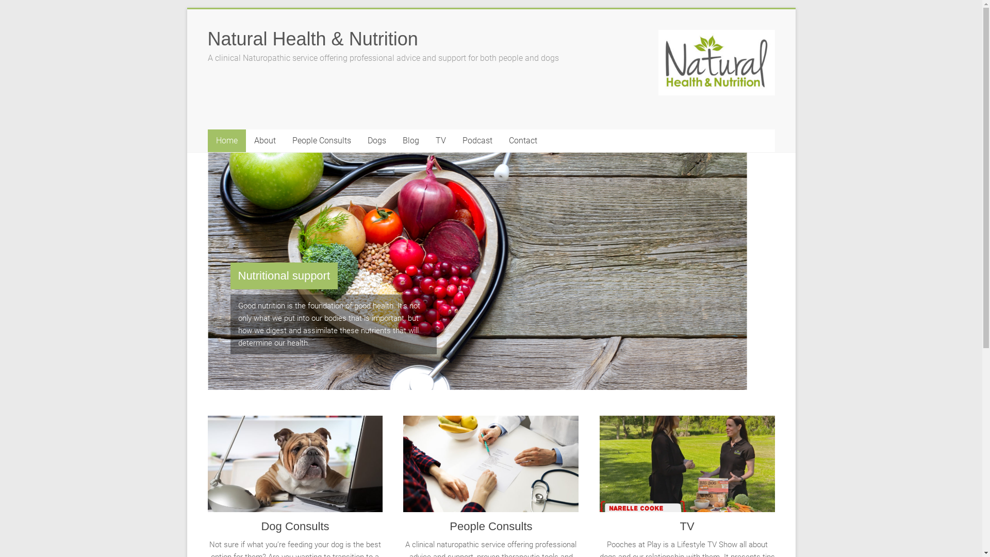  Describe the element at coordinates (186, 9) in the screenshot. I see `'Skip to content'` at that location.